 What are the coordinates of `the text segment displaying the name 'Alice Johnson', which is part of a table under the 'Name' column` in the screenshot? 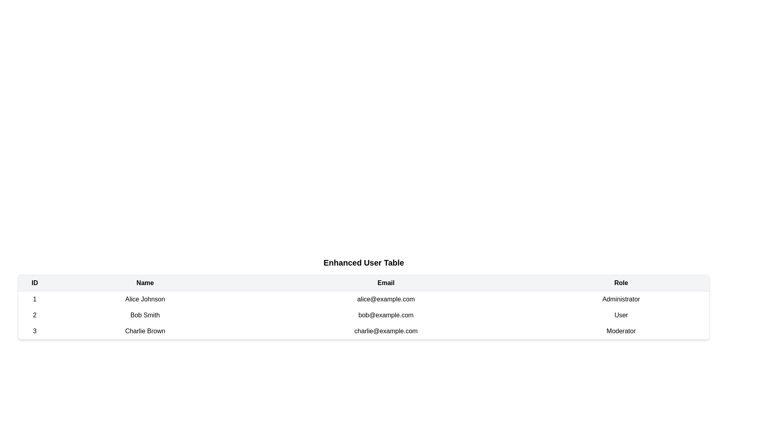 It's located at (145, 299).